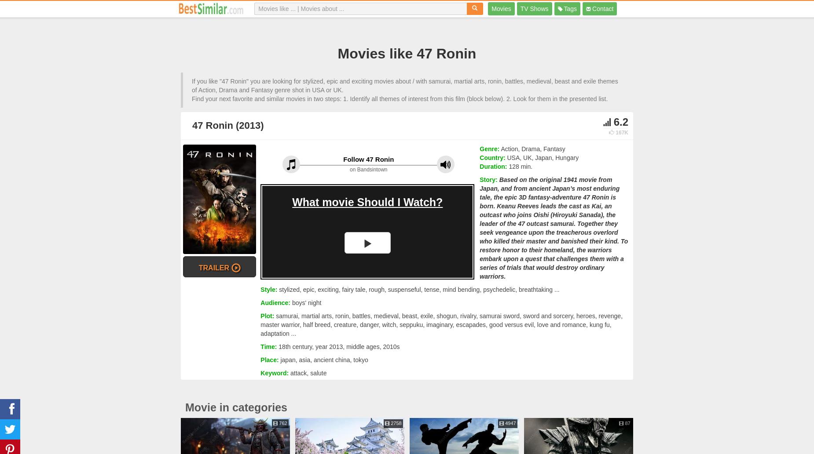 The image size is (814, 454). I want to click on 'Find your next favorite and similar movies in two steps:
1. Identify all themes of interest from this film (block below).
2. Look for them in the presented list.', so click(400, 98).